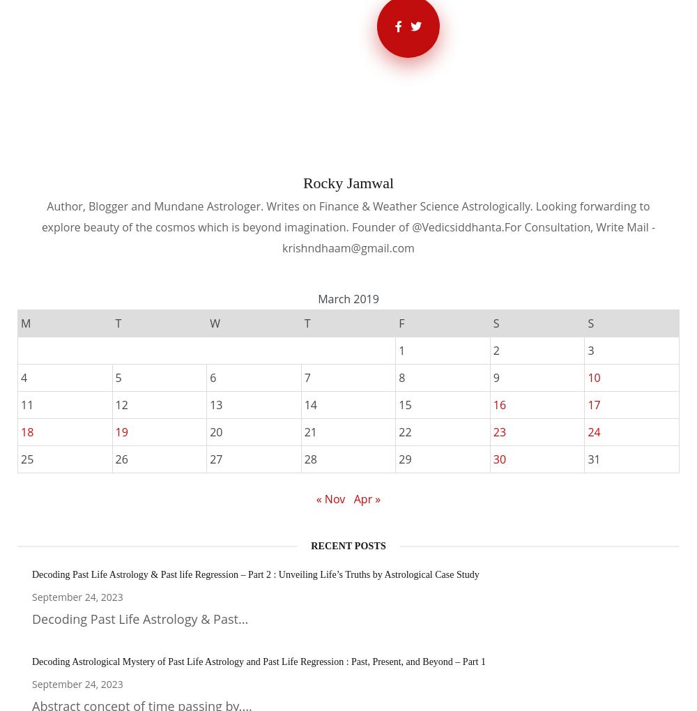 This screenshot has height=711, width=697. What do you see at coordinates (404, 459) in the screenshot?
I see `'29'` at bounding box center [404, 459].